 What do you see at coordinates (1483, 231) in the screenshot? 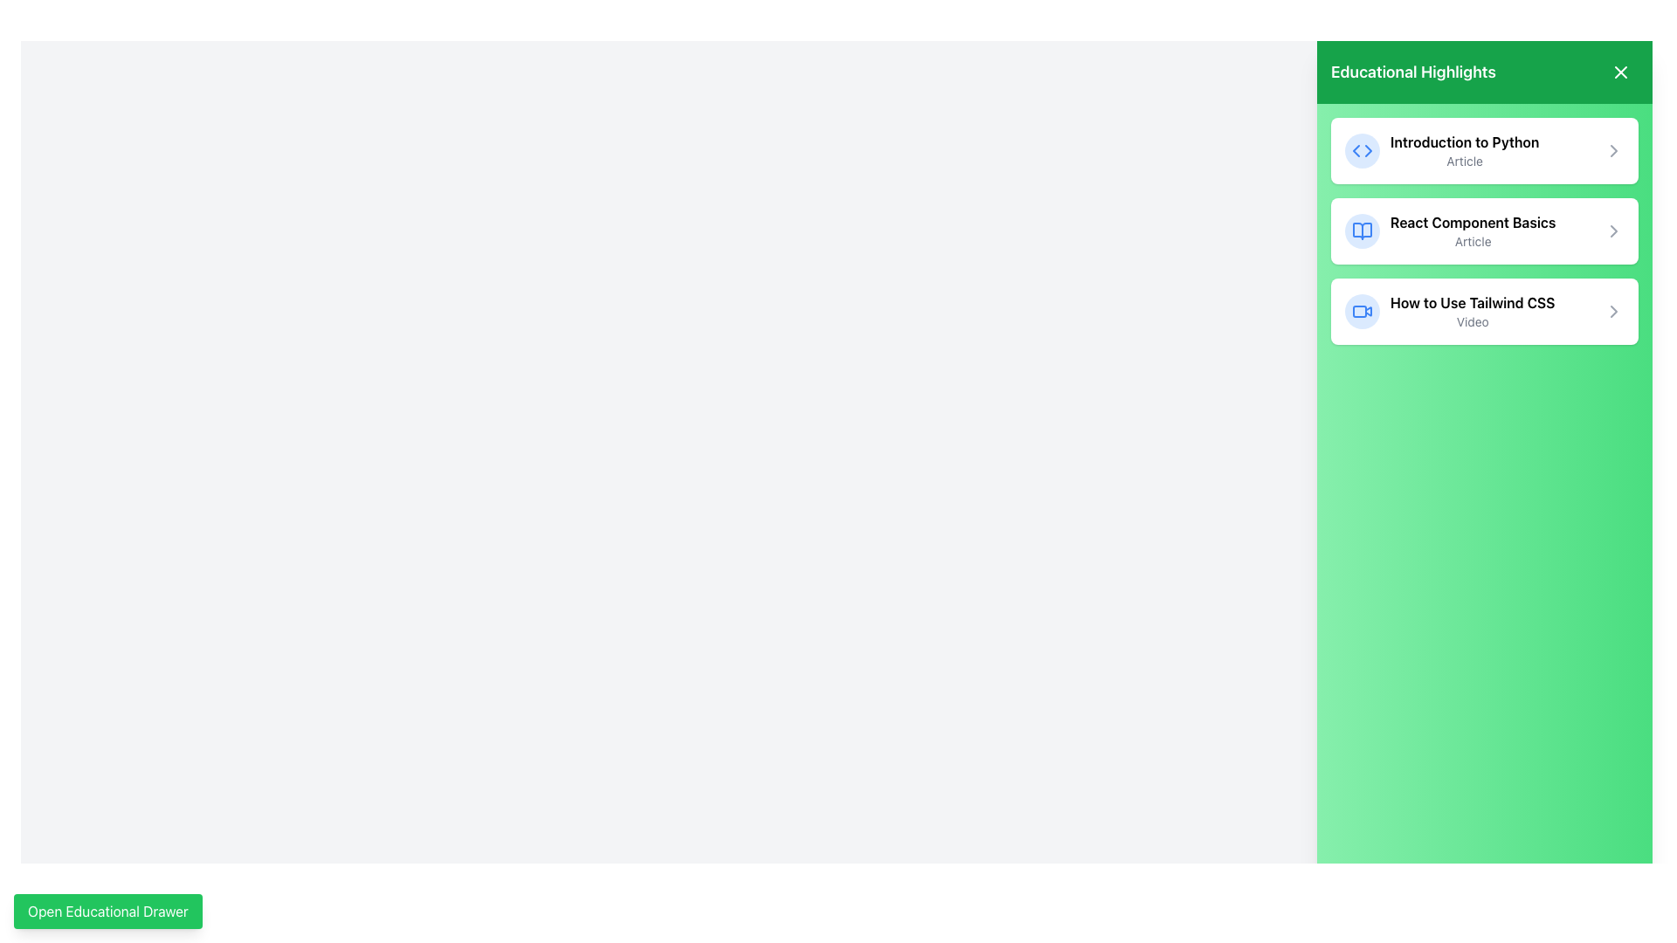
I see `the second card in the 'Educational Highlights' section, which contains the title 'React Component Basics'` at bounding box center [1483, 231].